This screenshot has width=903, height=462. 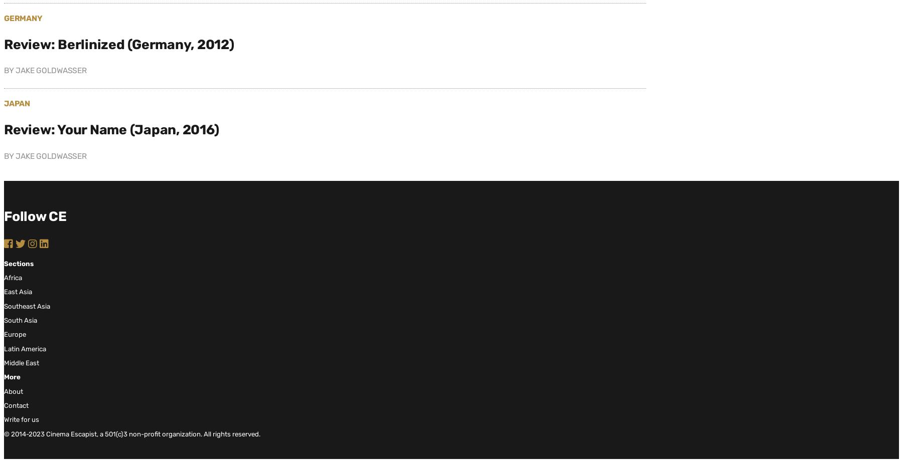 I want to click on 'Review: Your Name (Japan, 2016)', so click(x=111, y=128).